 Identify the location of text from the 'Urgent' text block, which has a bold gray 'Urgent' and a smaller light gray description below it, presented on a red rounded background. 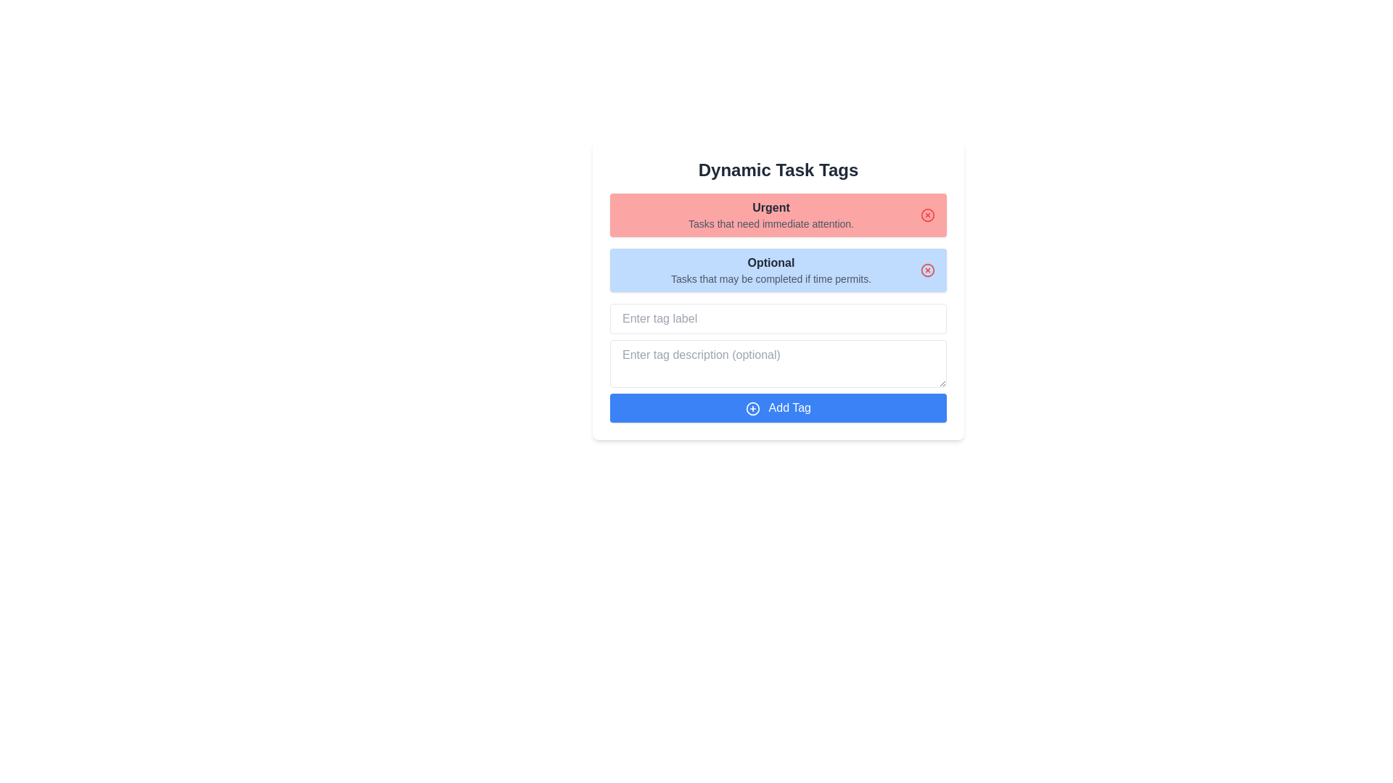
(770, 215).